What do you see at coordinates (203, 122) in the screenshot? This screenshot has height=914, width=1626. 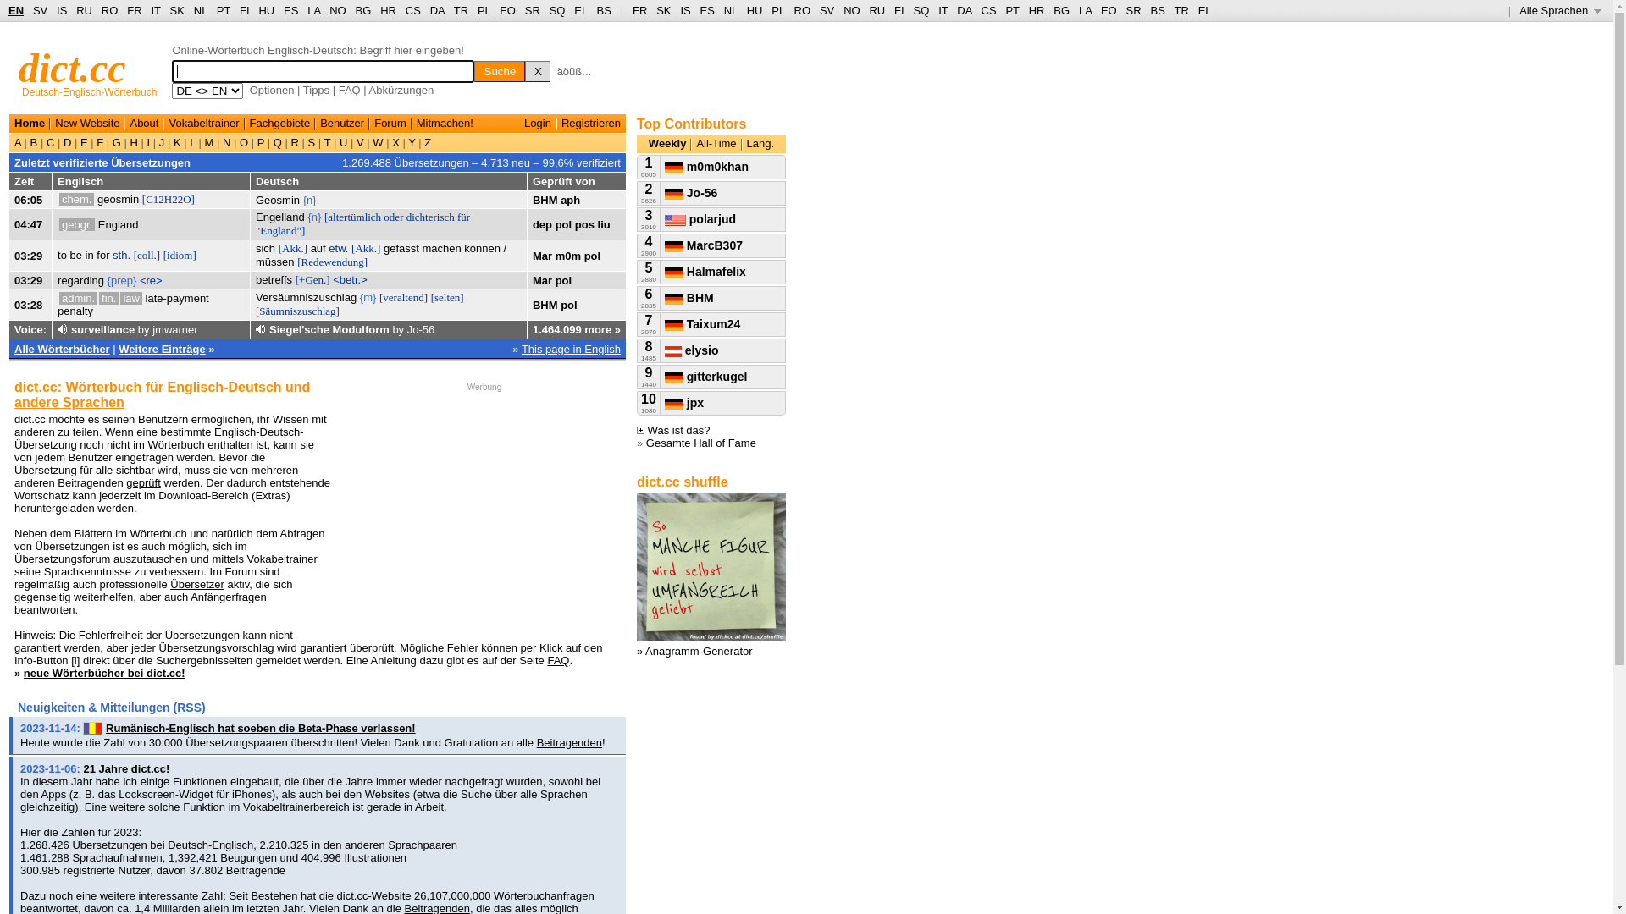 I see `'Vokabeltrainer'` at bounding box center [203, 122].